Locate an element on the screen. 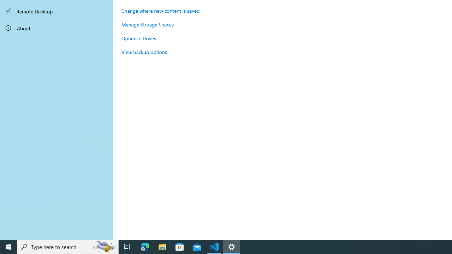 The width and height of the screenshot is (452, 254). 'Type here to search' is located at coordinates (68, 246).